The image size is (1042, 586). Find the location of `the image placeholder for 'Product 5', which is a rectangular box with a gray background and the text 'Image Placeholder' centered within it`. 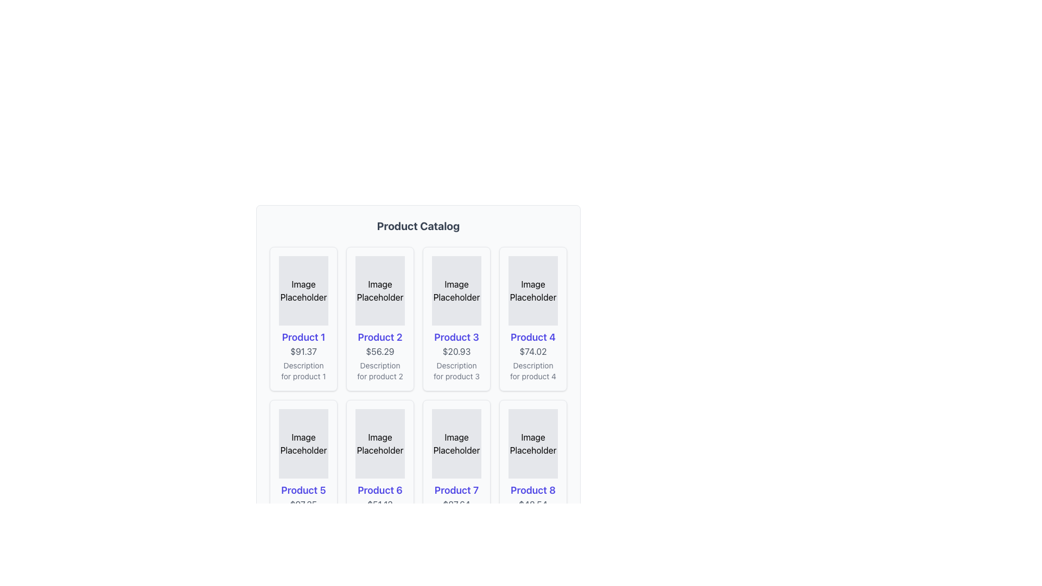

the image placeholder for 'Product 5', which is a rectangular box with a gray background and the text 'Image Placeholder' centered within it is located at coordinates (303, 443).